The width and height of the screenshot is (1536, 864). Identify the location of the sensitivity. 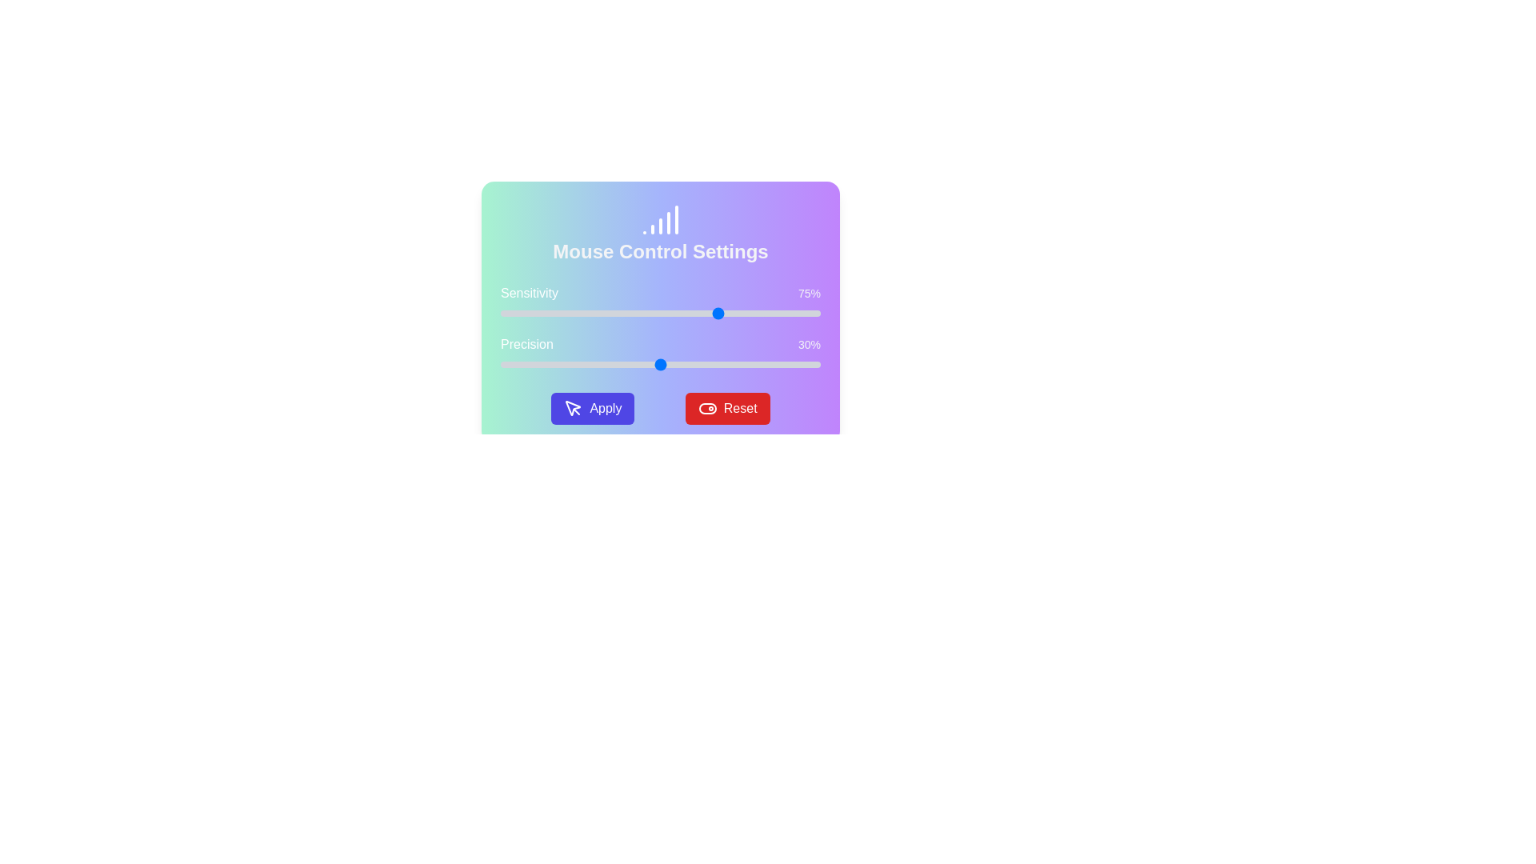
(684, 314).